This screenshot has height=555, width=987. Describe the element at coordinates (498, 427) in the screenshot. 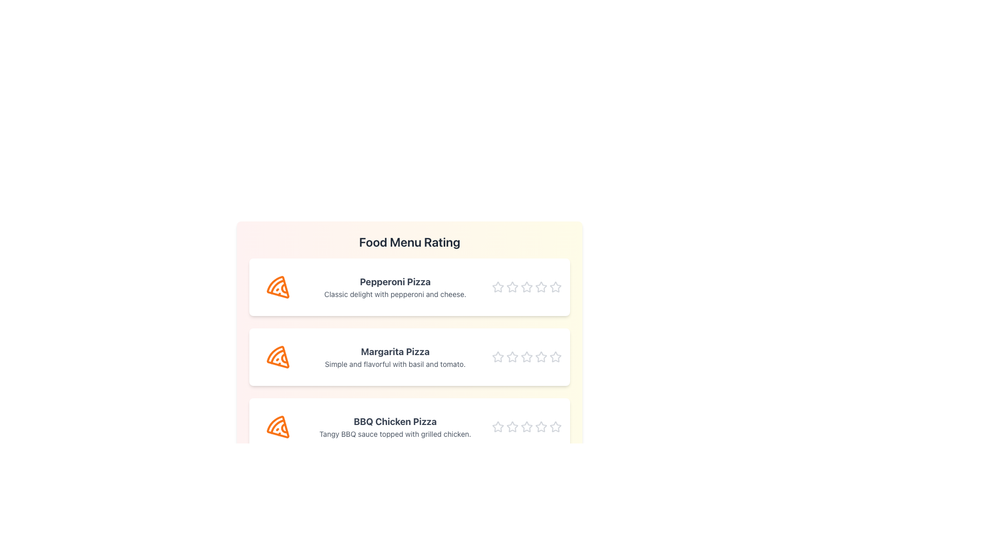

I see `the first star icon in the five-star rating system for the 'BBQ Chicken Pizza' menu item` at that location.